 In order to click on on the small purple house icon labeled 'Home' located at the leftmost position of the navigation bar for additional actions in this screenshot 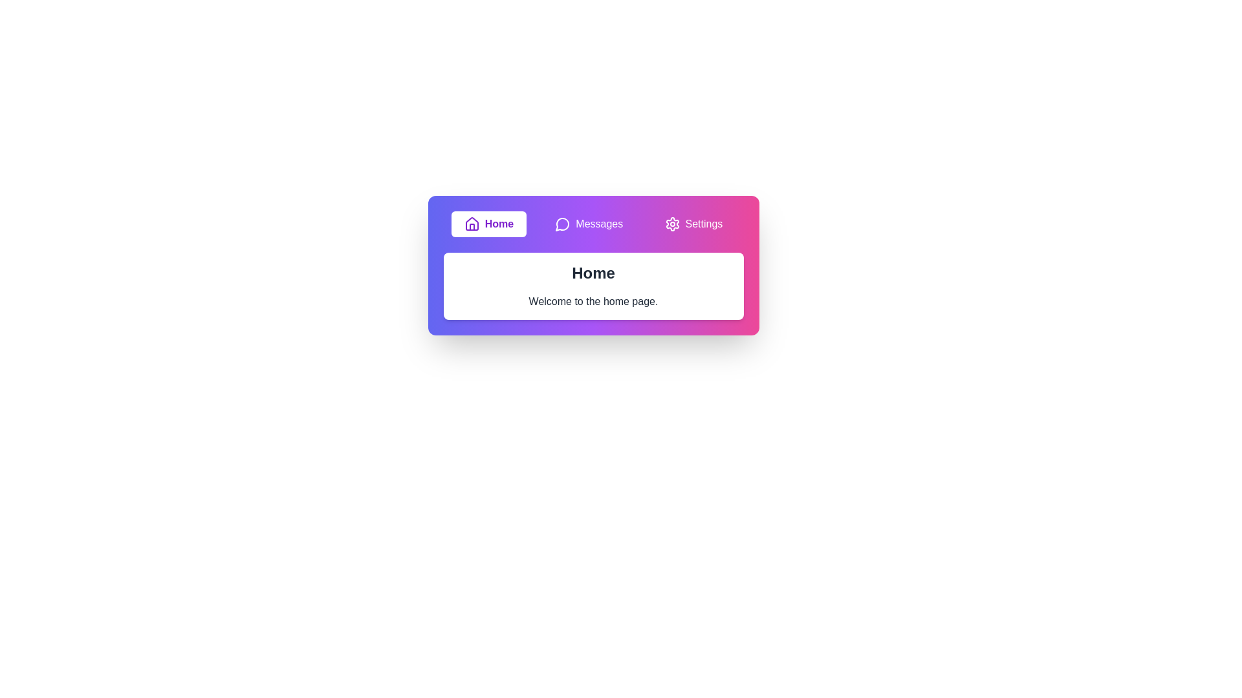, I will do `click(471, 224)`.